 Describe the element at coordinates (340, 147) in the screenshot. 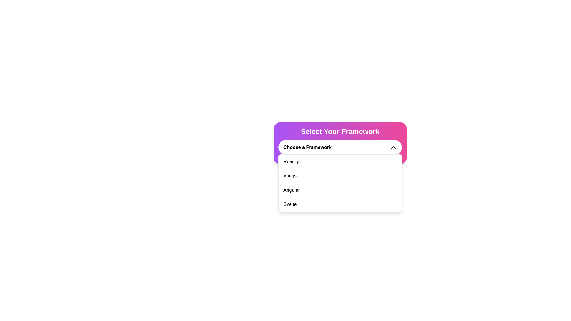

I see `the dropdown menu titled 'Select Your Framework'` at that location.